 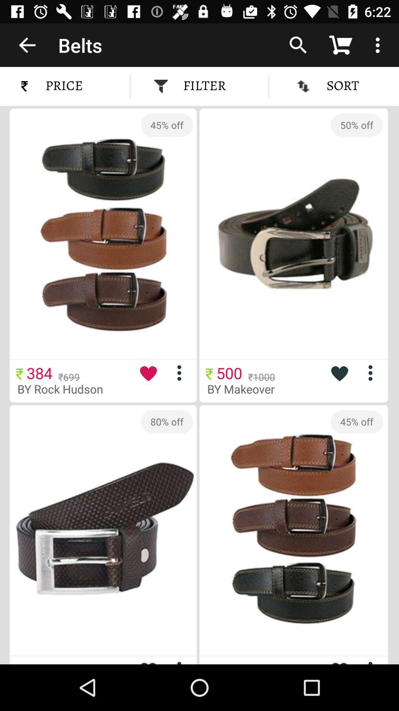 I want to click on icon above price icon, so click(x=27, y=44).